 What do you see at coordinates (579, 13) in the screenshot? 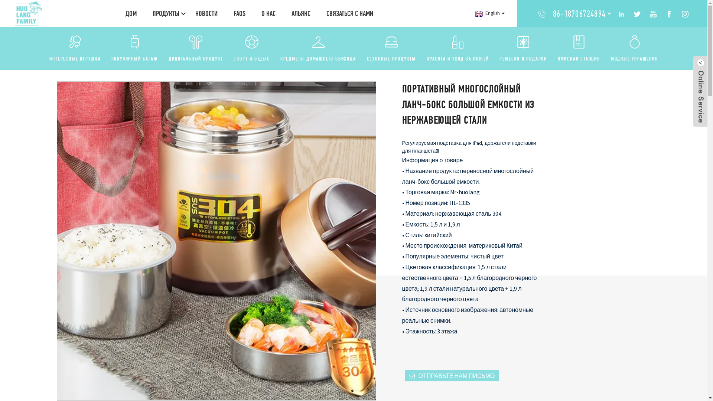
I see `'86-18706724894'` at bounding box center [579, 13].